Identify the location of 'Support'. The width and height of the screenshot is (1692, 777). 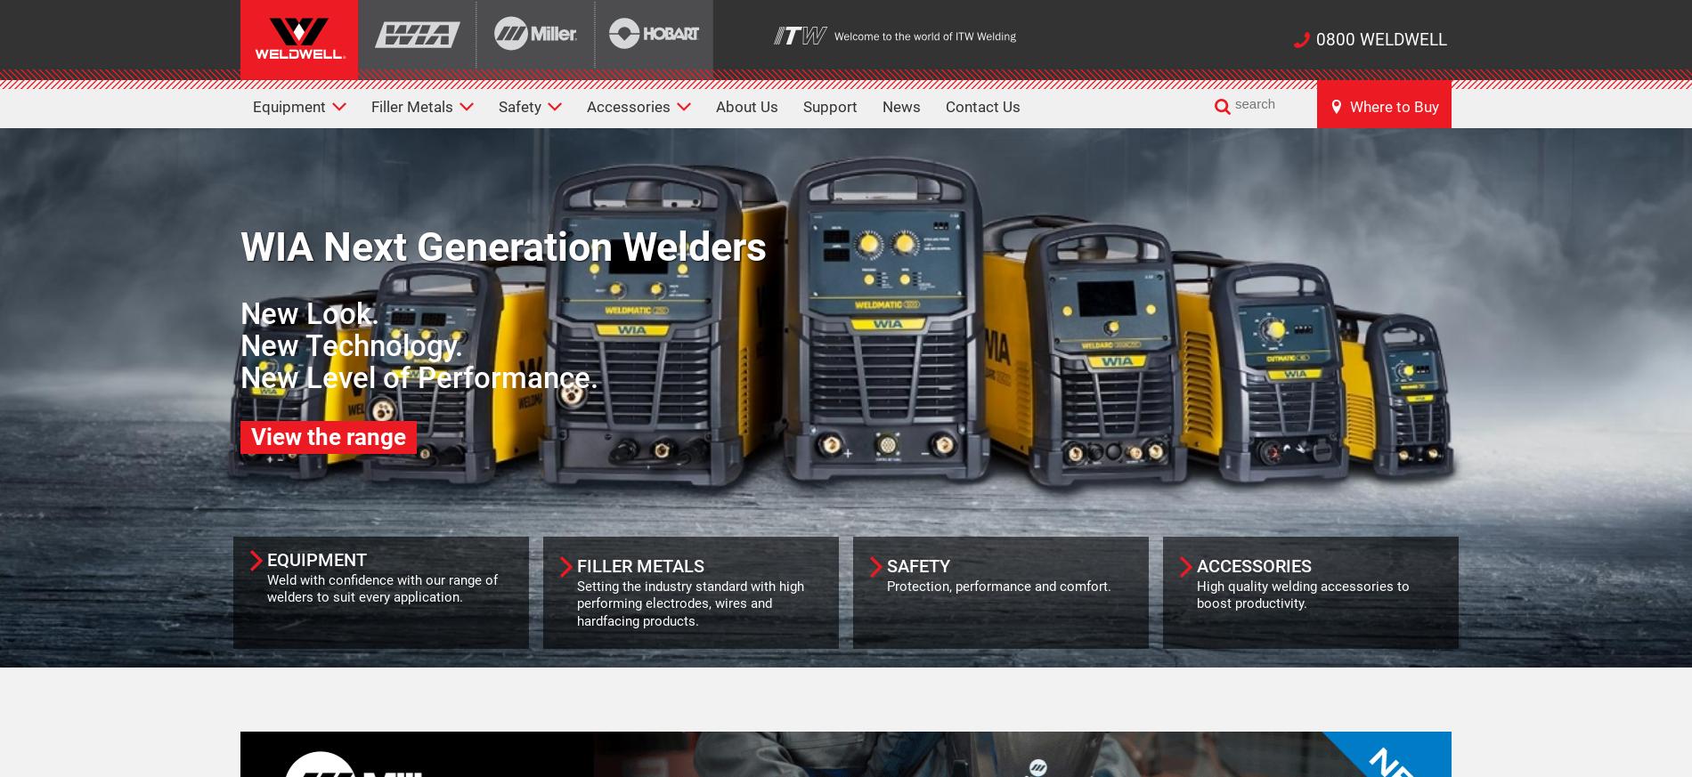
(829, 107).